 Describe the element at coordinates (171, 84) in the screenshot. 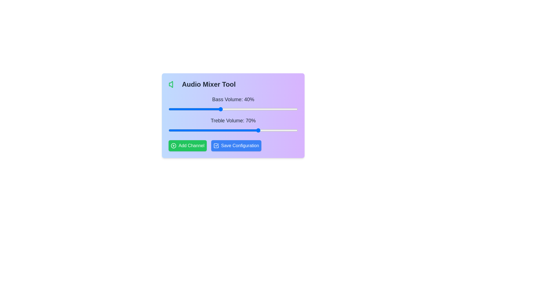

I see `the speaker or volume icon located in the top-left corner of the 'Audio Mixer Tool' panel, which features distinct geometric patterns symbolizing sound waves` at that location.